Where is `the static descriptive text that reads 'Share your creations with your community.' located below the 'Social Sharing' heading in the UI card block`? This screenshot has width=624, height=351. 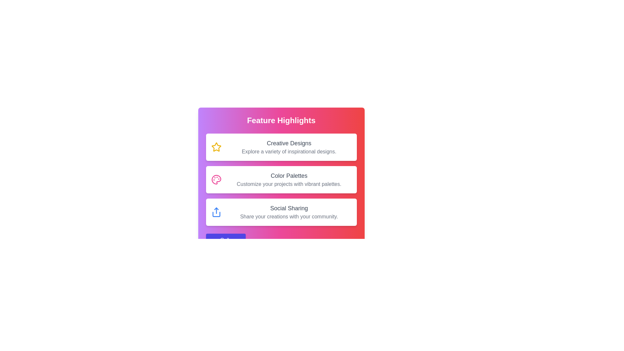 the static descriptive text that reads 'Share your creations with your community.' located below the 'Social Sharing' heading in the UI card block is located at coordinates (289, 217).